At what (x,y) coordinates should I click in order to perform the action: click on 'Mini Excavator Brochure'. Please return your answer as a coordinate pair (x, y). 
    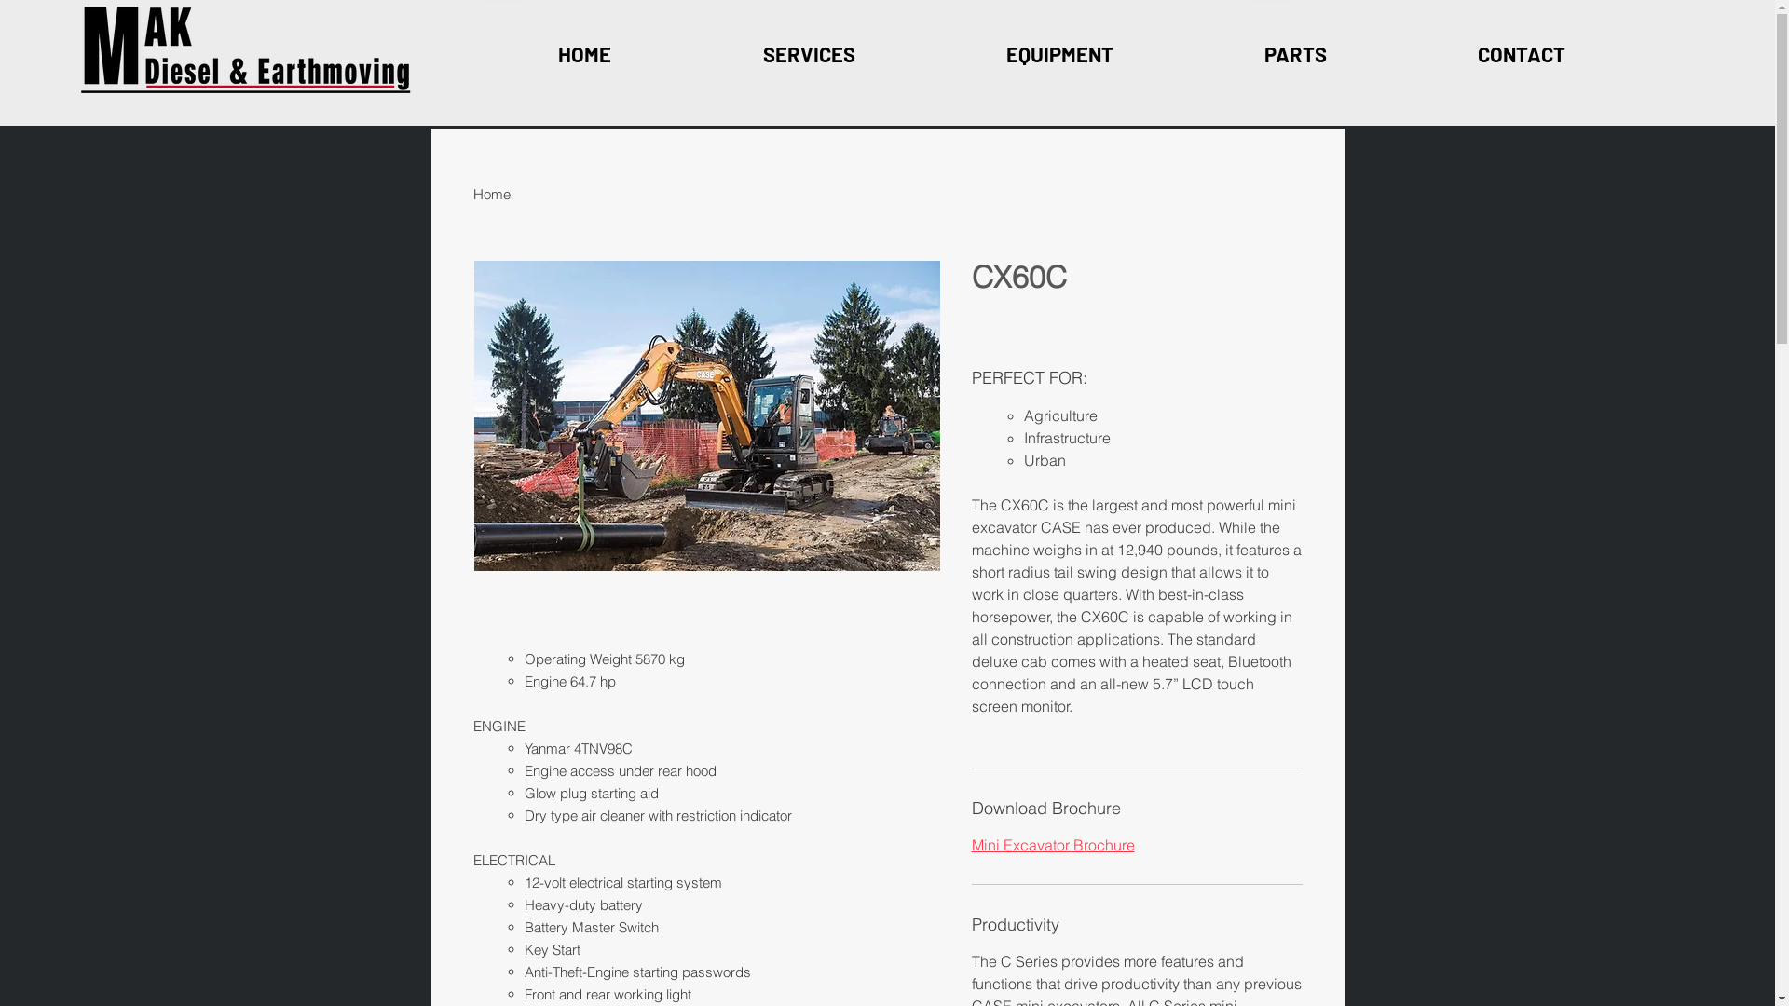
    Looking at the image, I should click on (969, 844).